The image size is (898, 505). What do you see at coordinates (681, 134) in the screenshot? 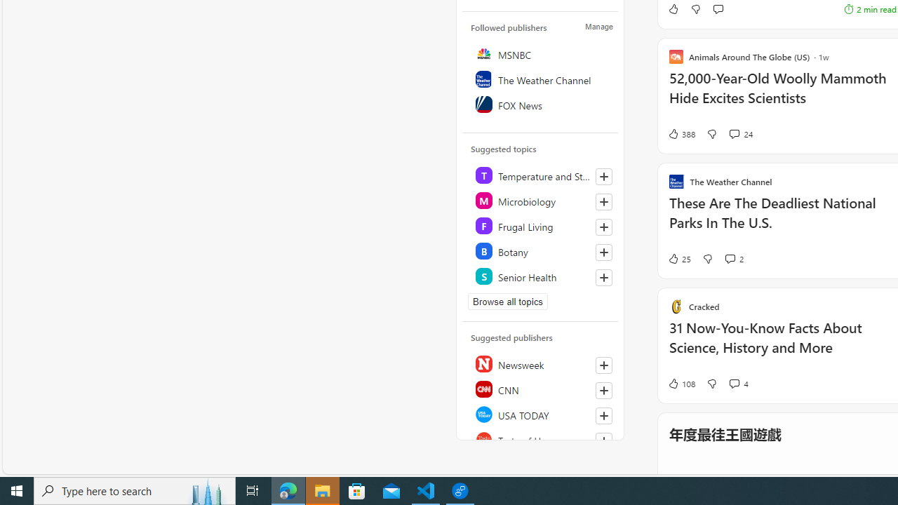
I see `'388 Like'` at bounding box center [681, 134].